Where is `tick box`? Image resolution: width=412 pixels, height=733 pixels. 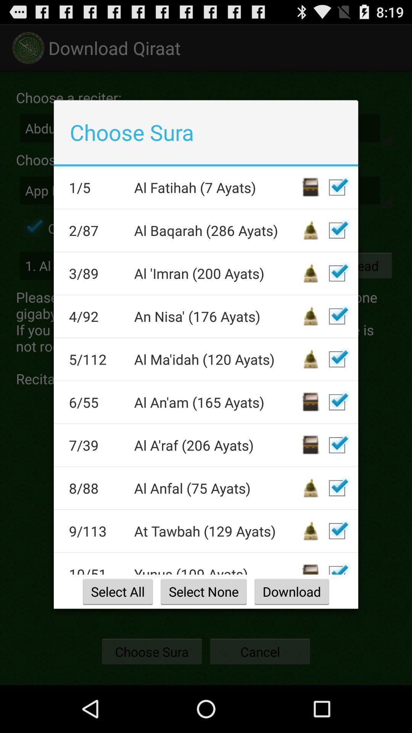 tick box is located at coordinates (336, 566).